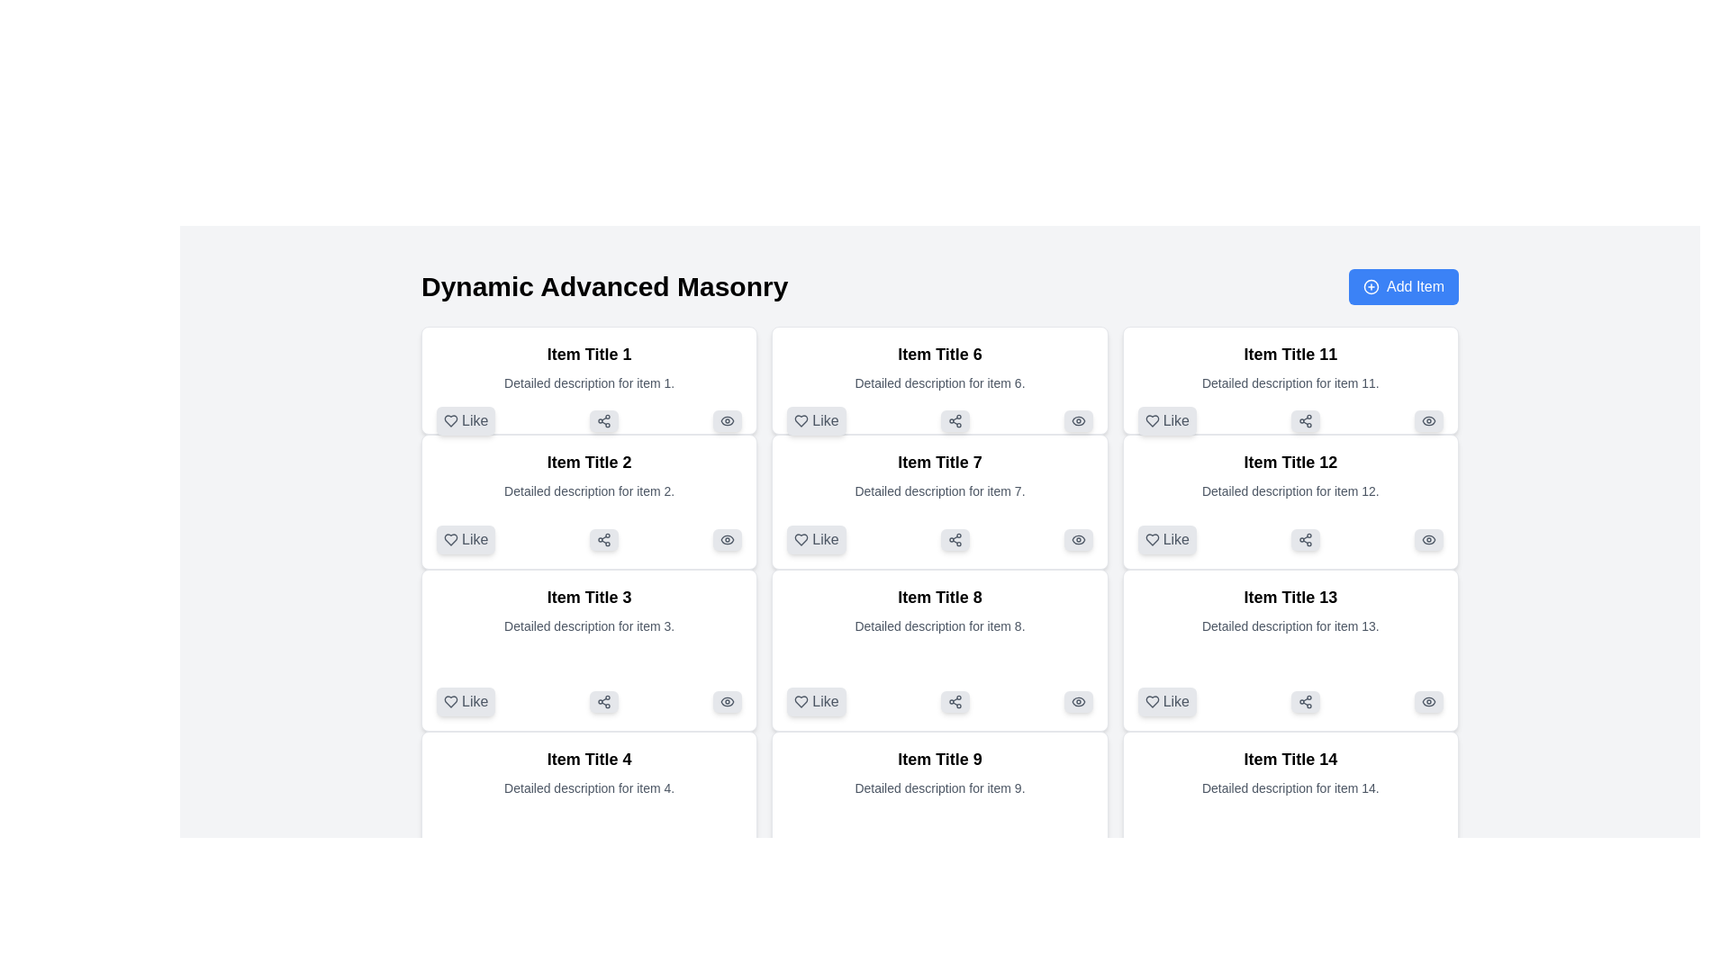 This screenshot has width=1729, height=972. Describe the element at coordinates (604, 700) in the screenshot. I see `the second button with a light gray background and a share icon, located at the bottom of the 'Item Title 3' card` at that location.